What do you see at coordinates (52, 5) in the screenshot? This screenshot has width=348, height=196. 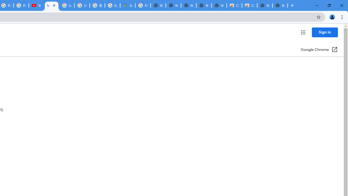 I see `'Manage passwords - Computer - Google Chrome Help'` at bounding box center [52, 5].